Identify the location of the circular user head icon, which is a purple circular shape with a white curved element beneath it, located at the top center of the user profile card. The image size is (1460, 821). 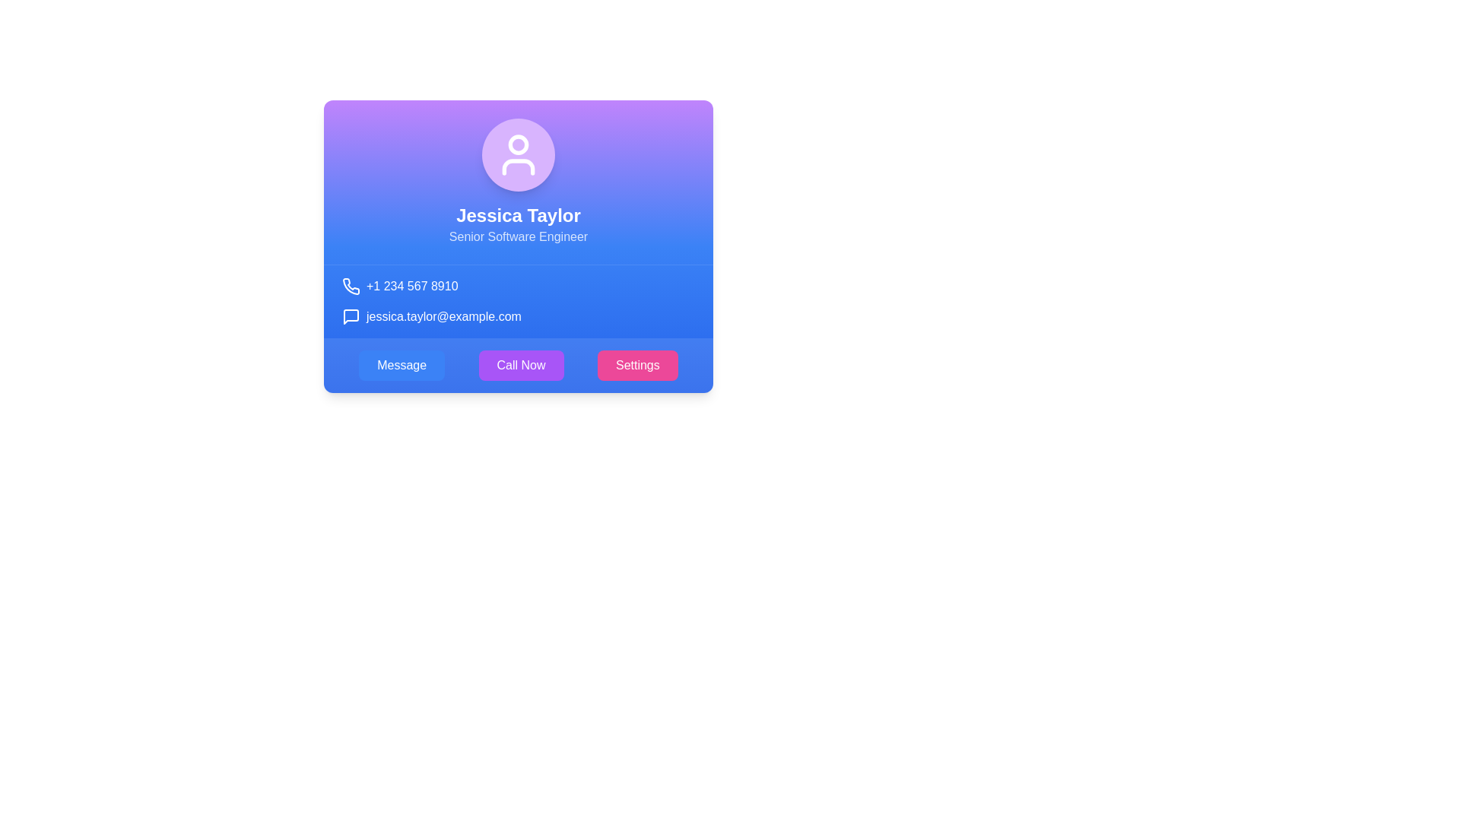
(518, 144).